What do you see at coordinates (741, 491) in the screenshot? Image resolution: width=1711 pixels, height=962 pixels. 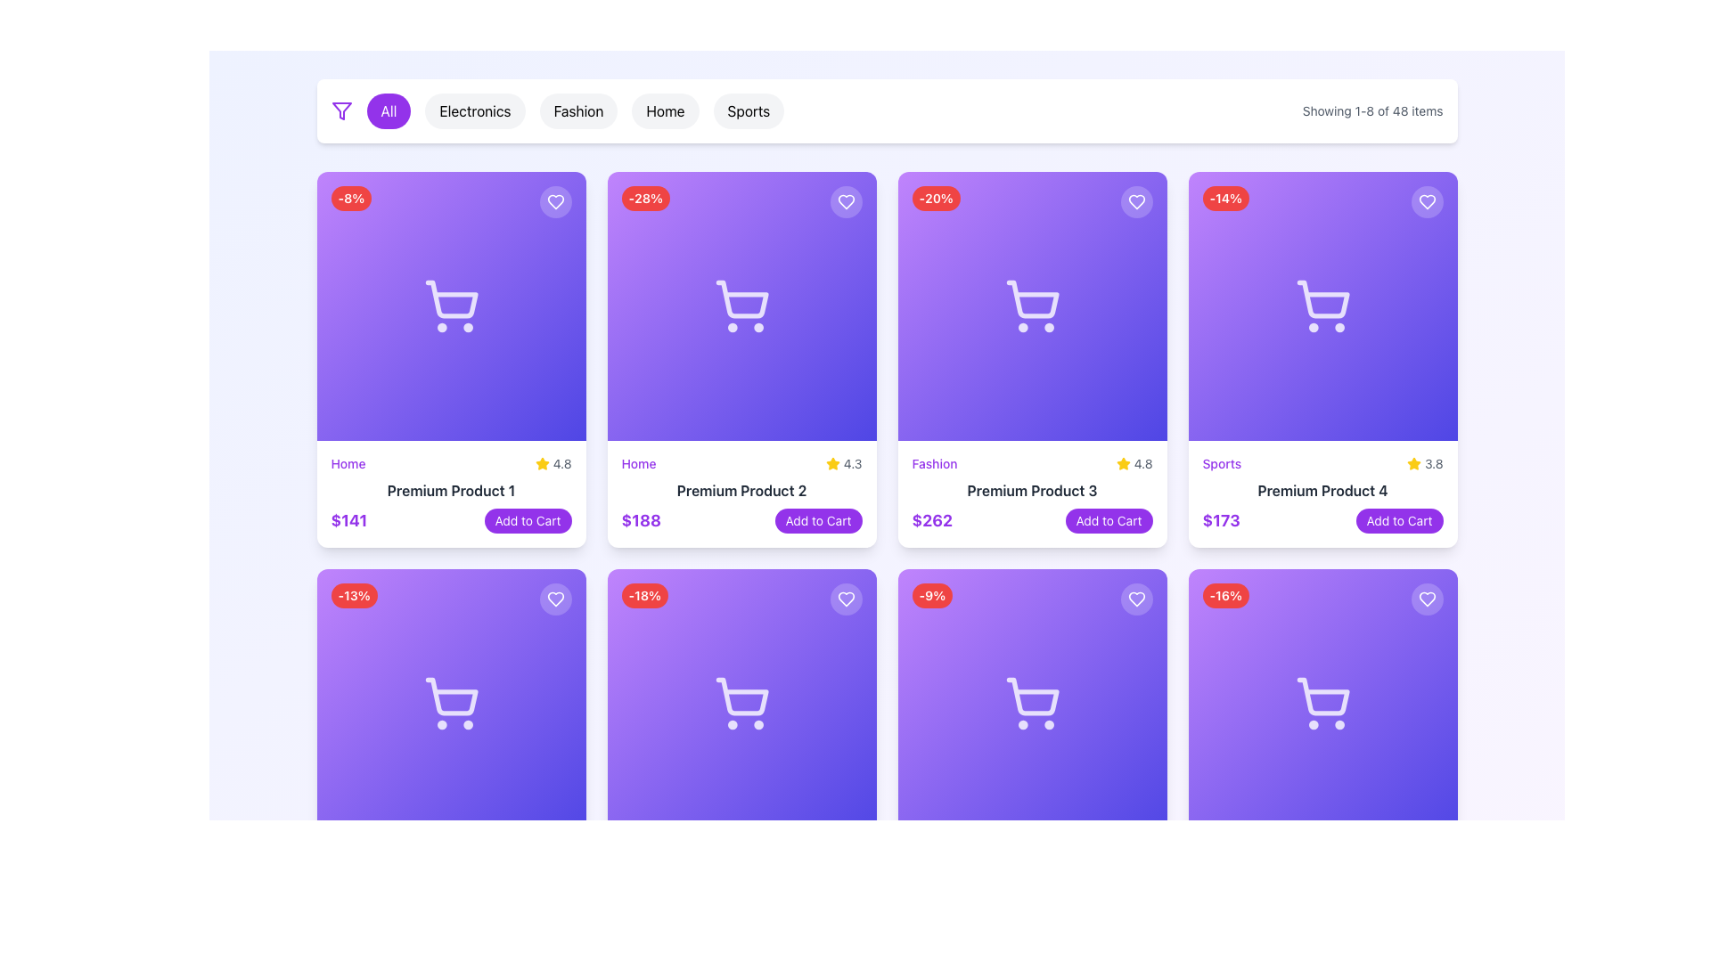 I see `the product title text label located in the second item of the first row in the grid layout, which is positioned below the category information and above the price and 'Add to Cart' button` at bounding box center [741, 491].